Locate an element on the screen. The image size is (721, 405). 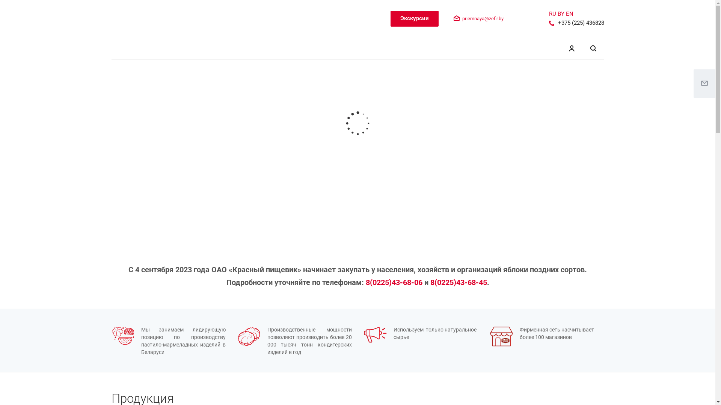
'8(0225)43-68-45' is located at coordinates (458, 282).